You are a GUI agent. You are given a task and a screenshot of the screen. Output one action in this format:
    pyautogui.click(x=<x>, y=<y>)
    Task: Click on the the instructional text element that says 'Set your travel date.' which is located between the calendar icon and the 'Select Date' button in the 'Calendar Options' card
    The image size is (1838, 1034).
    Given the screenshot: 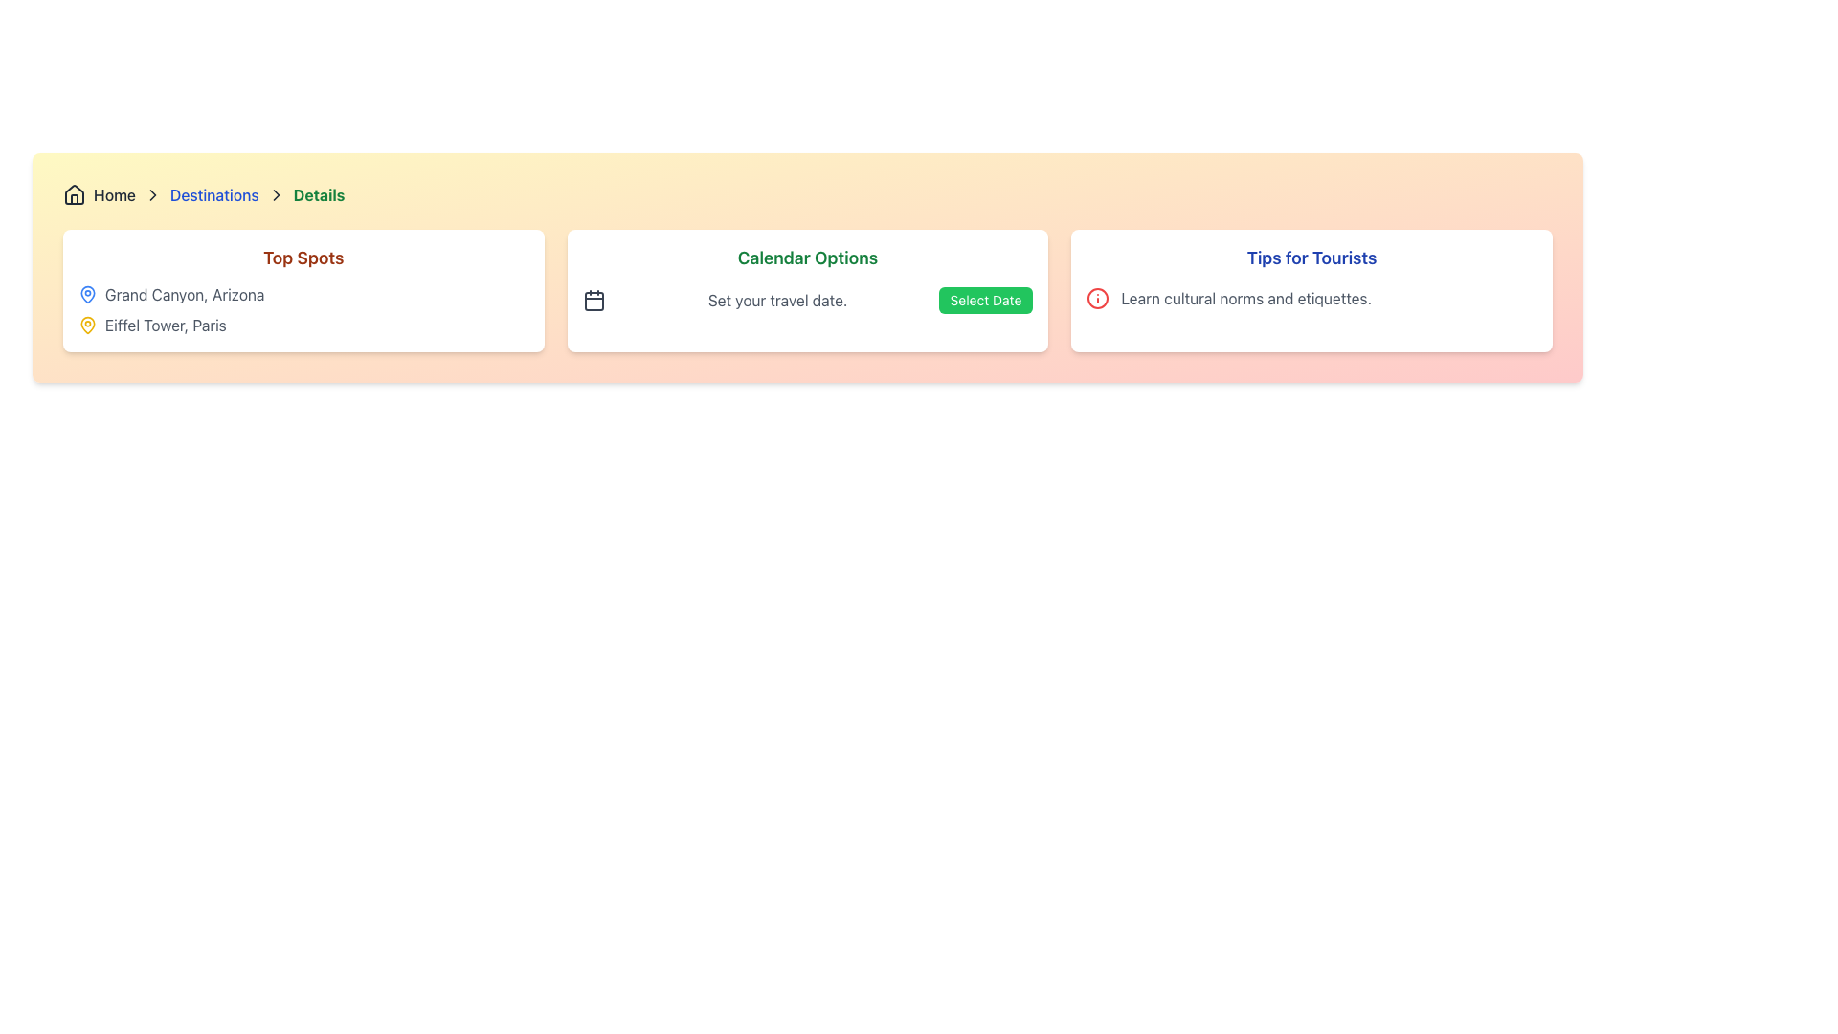 What is the action you would take?
    pyautogui.click(x=777, y=300)
    